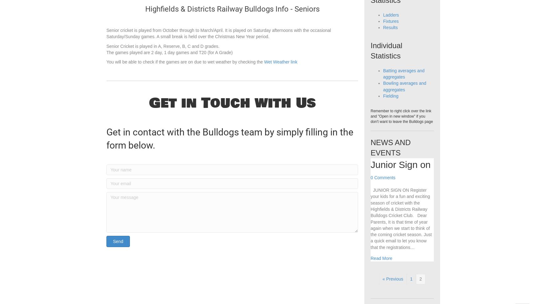  I want to click on 'Results', so click(390, 40).